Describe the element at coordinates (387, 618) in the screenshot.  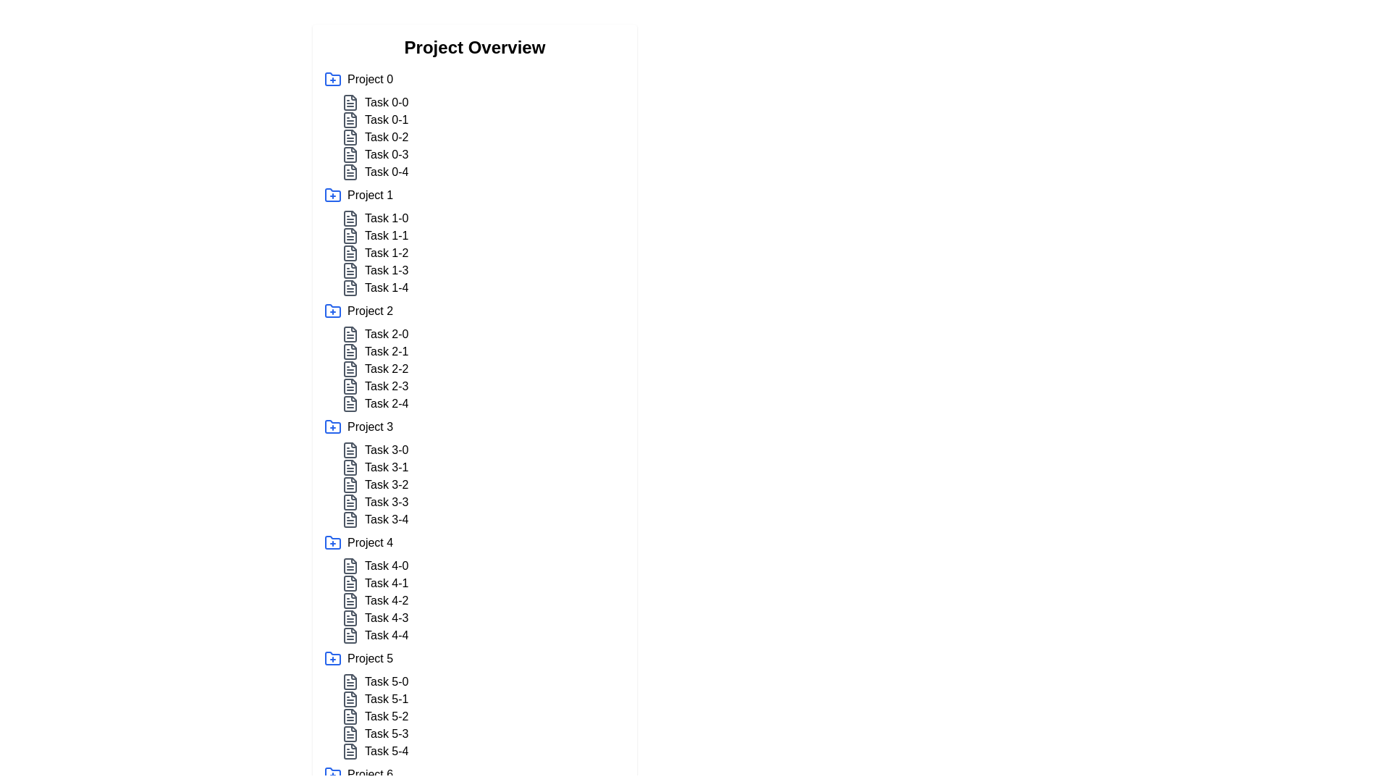
I see `the text label 'Task 4-3' which is styled in a clean sans-serif font and positioned inline to the right of a document icon, located in the fourth section of the project list under 'Project 4'` at that location.